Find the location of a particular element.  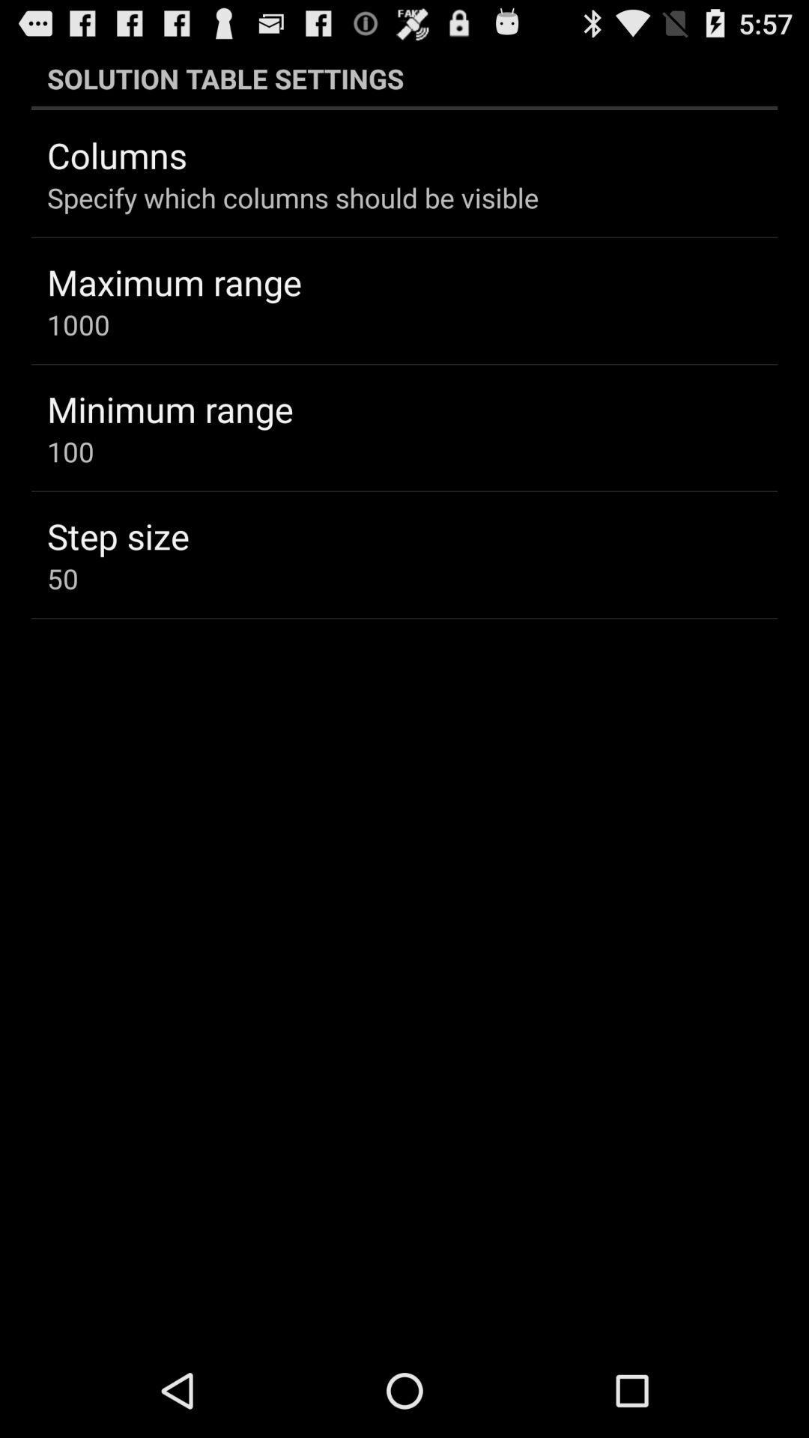

icon below minimum range is located at coordinates (70, 451).